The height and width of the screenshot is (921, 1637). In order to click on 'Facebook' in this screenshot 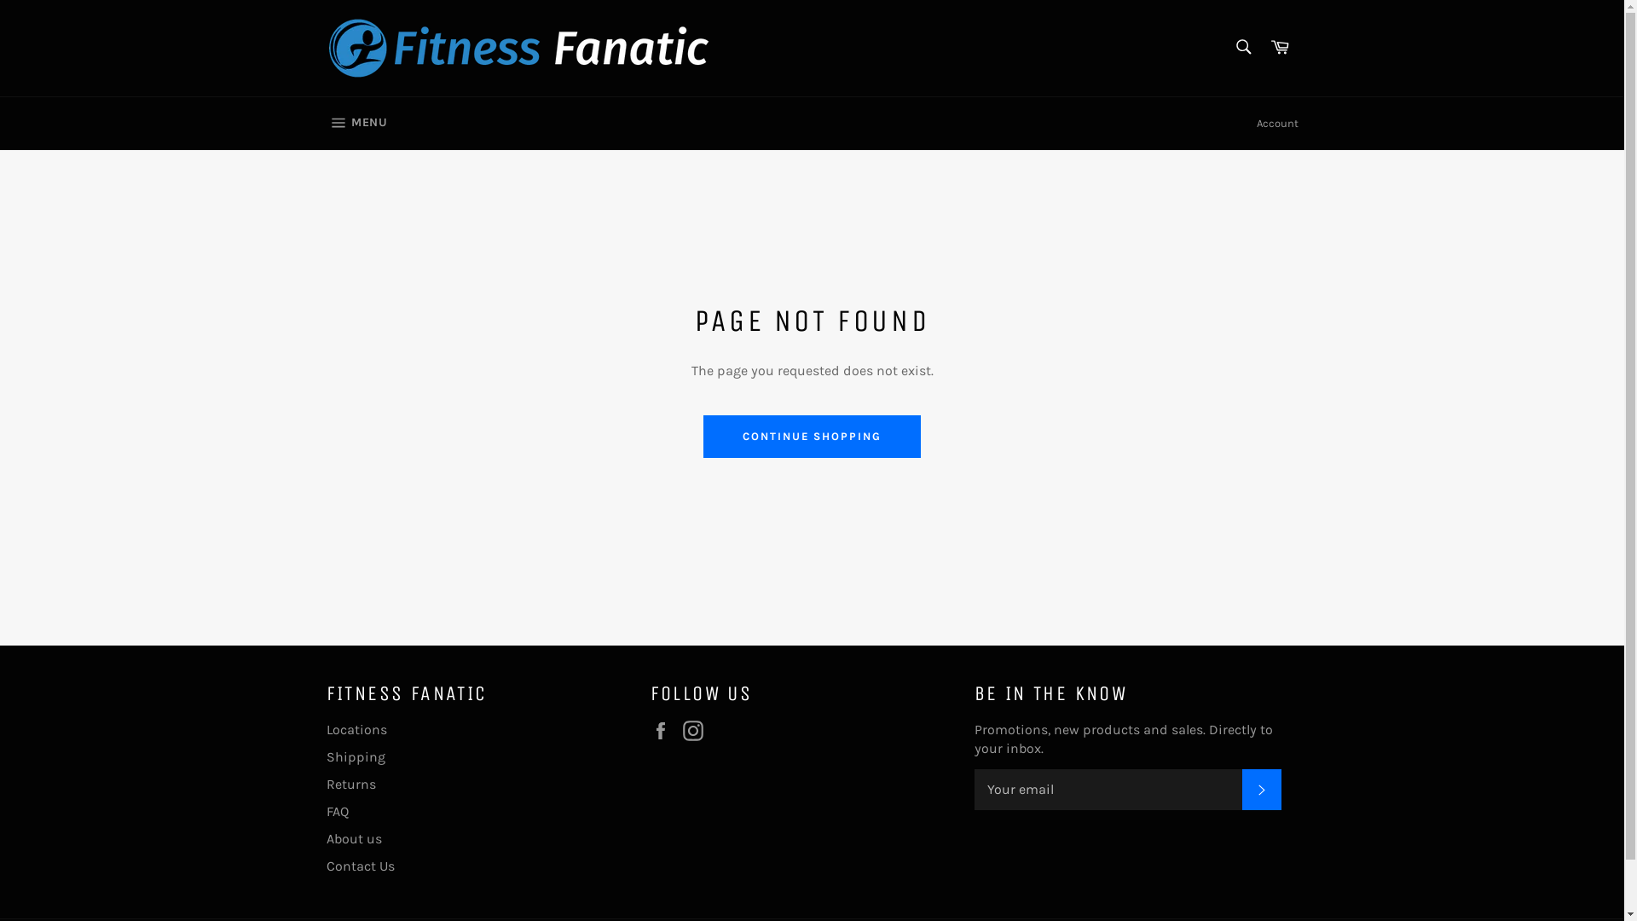, I will do `click(662, 729)`.